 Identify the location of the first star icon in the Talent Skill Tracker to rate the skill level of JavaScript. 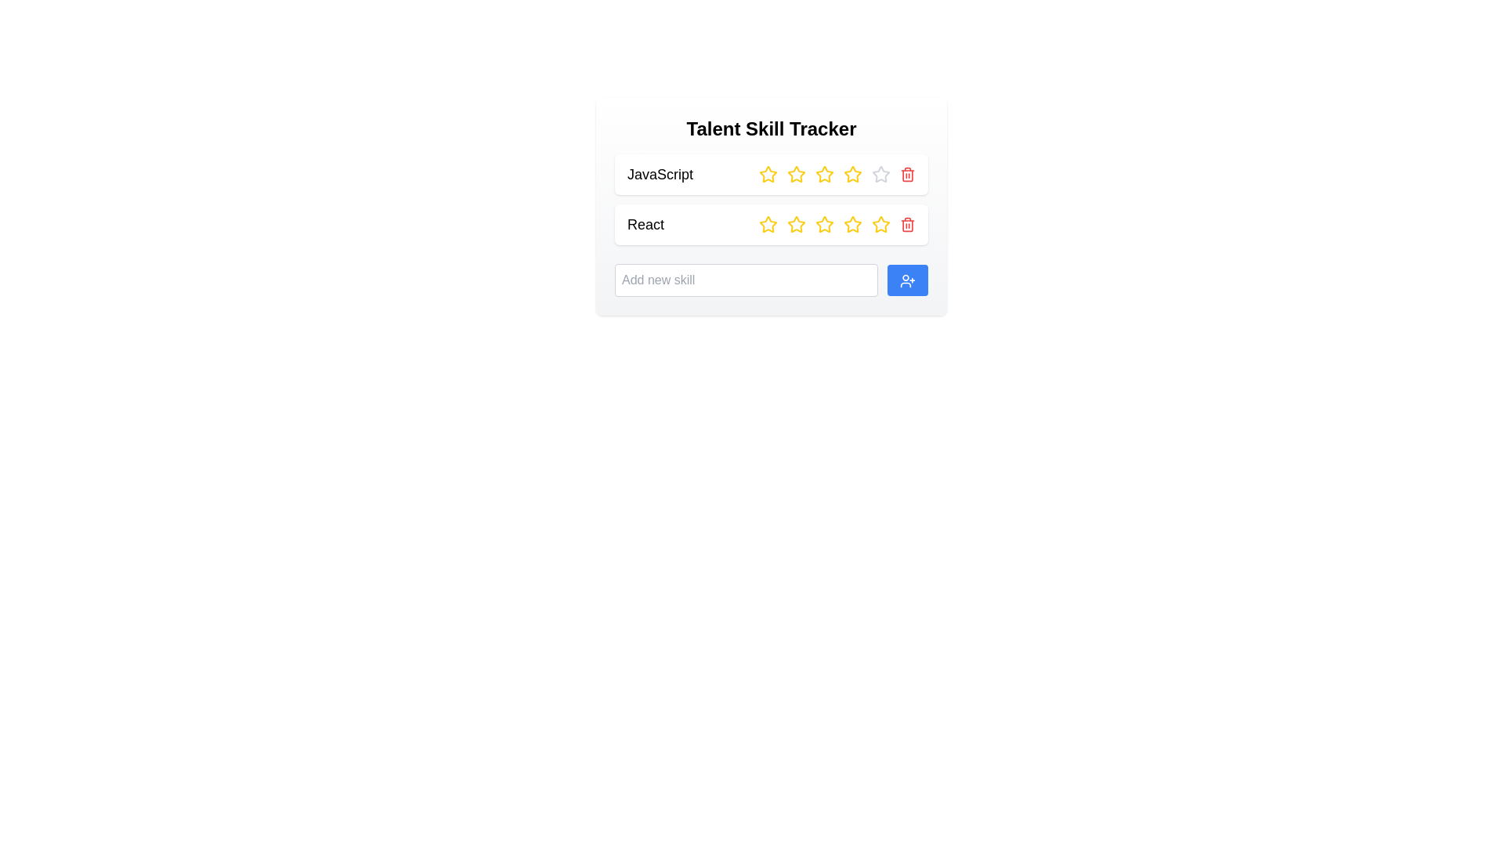
(768, 175).